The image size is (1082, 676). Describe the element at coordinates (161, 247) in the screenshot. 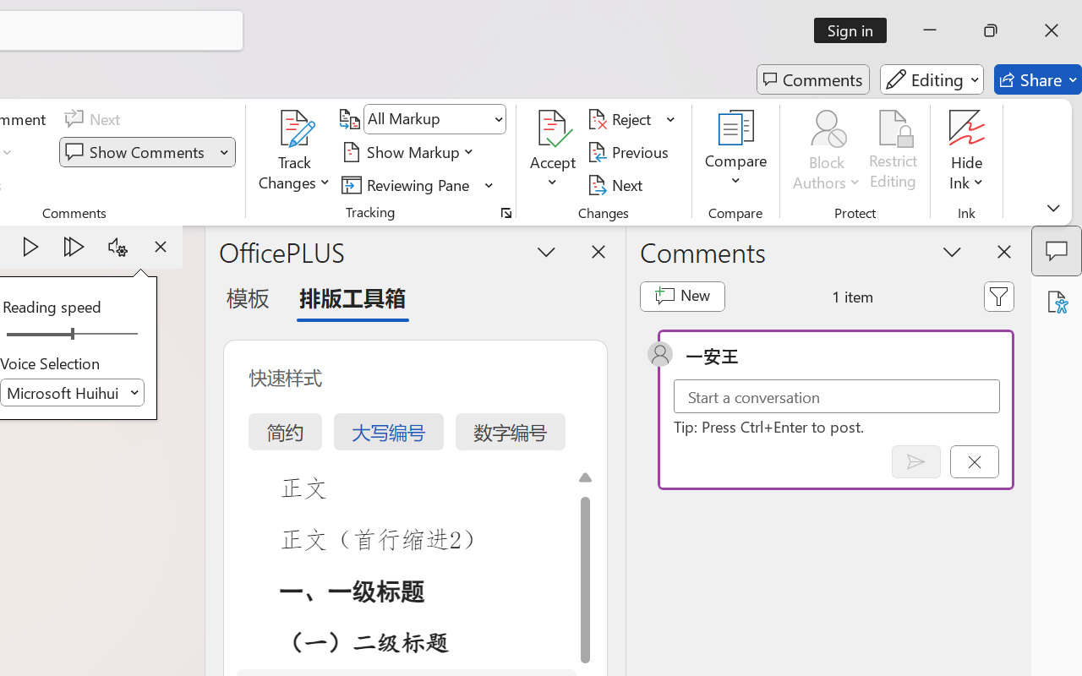

I see `'Stop'` at that location.